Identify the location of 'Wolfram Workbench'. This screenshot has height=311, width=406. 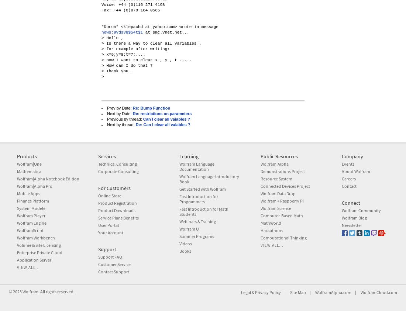
(16, 237).